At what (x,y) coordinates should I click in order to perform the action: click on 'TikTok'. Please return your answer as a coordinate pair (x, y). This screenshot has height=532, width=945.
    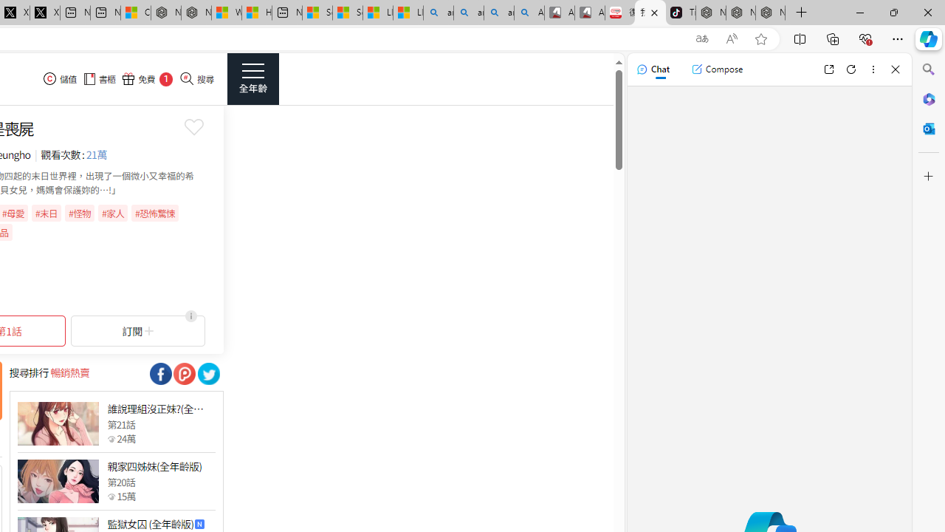
    Looking at the image, I should click on (680, 13).